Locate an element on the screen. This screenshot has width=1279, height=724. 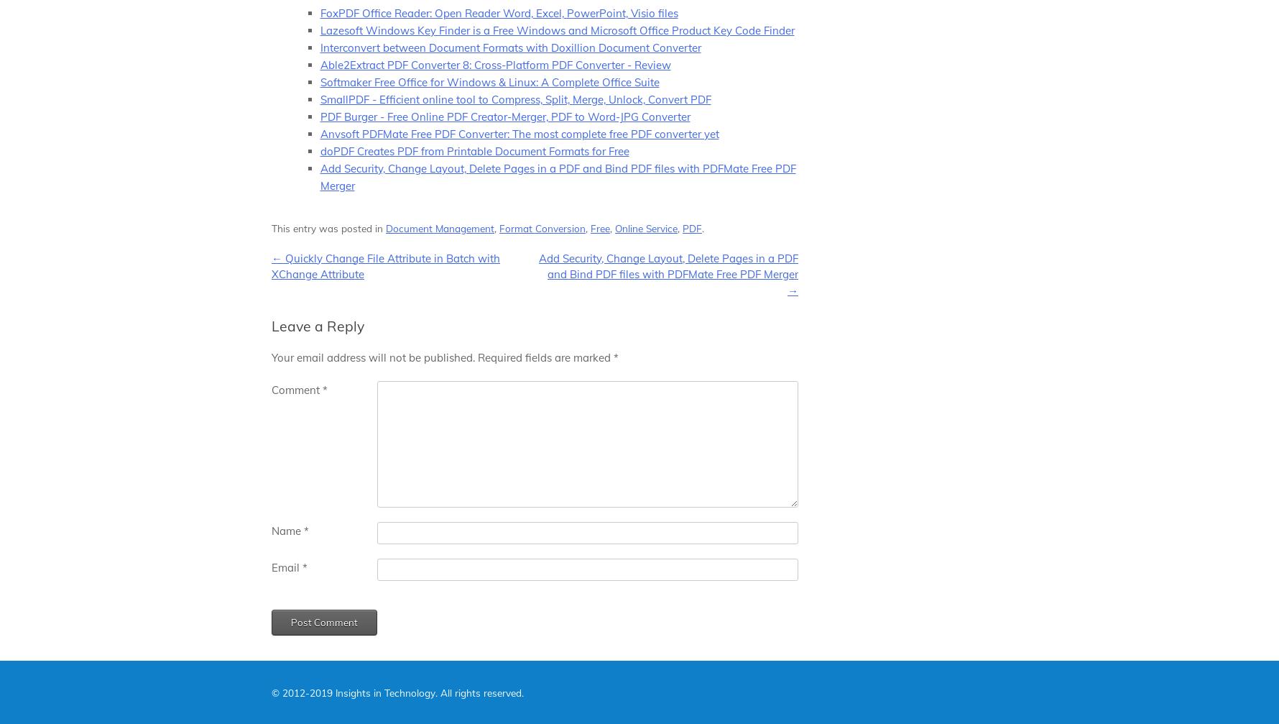
'Online Service' is located at coordinates (646, 228).